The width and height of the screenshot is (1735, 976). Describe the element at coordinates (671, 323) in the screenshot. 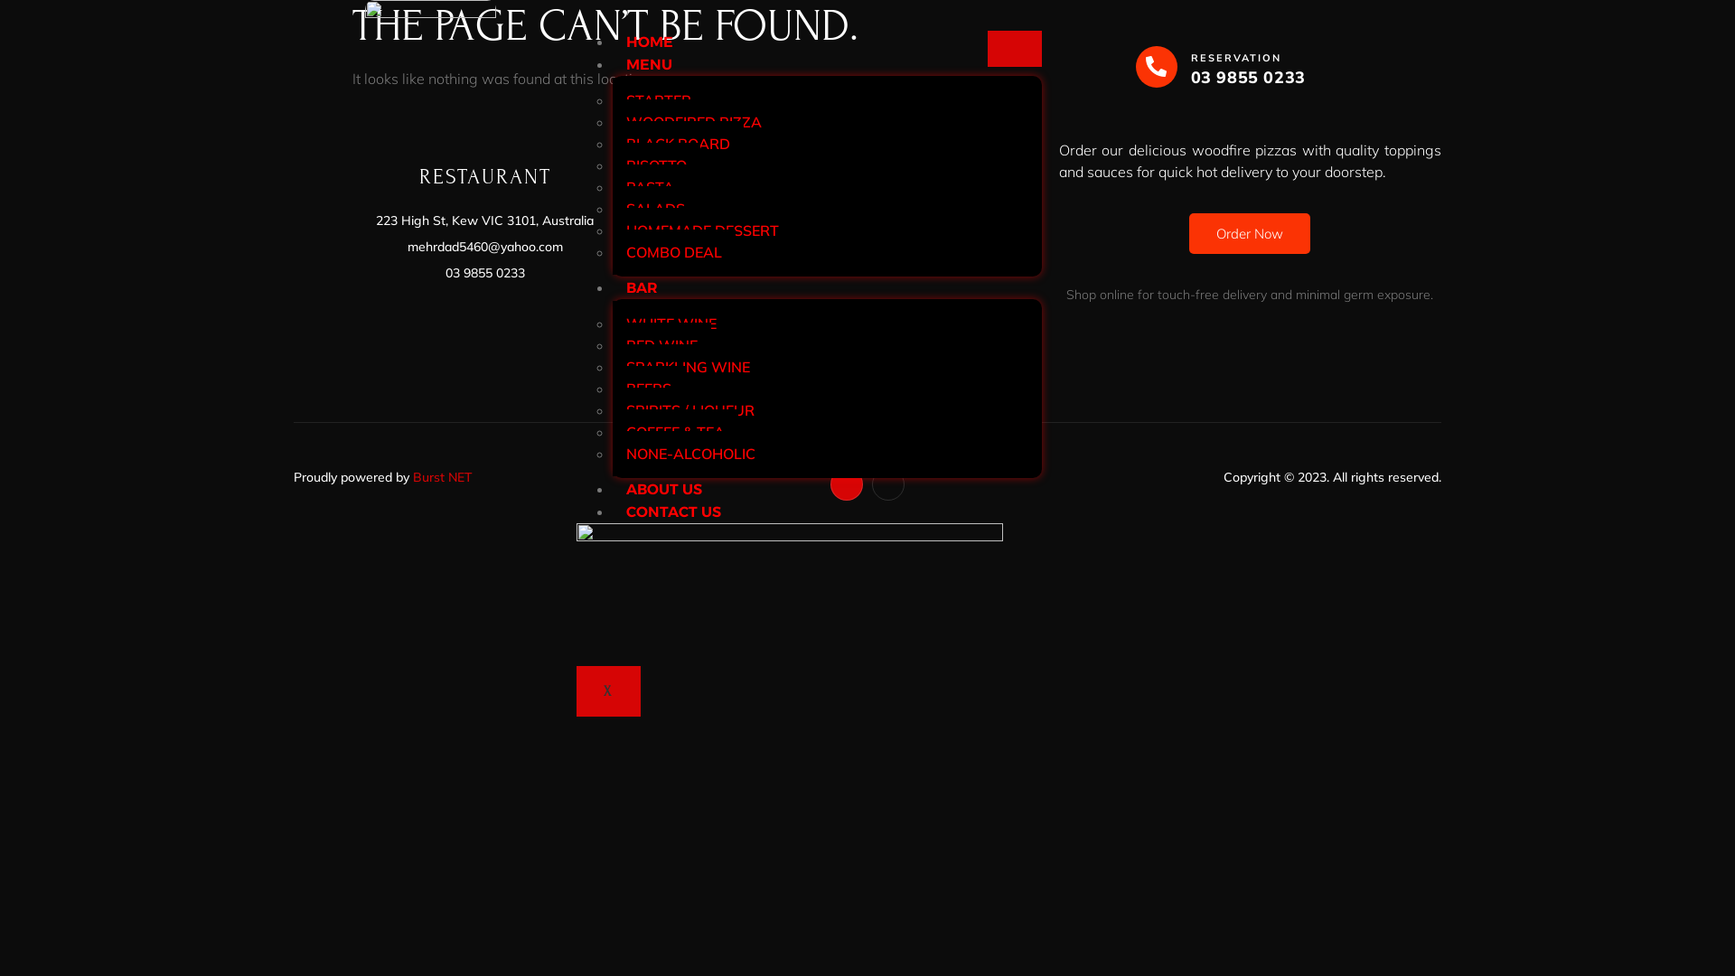

I see `'WHITE WINE'` at that location.